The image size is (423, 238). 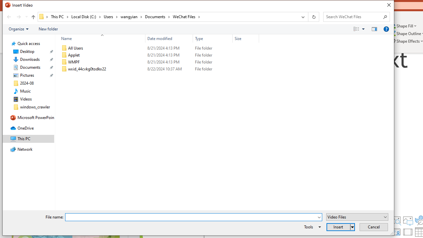 What do you see at coordinates (190, 217) in the screenshot?
I see `'File name:'` at bounding box center [190, 217].